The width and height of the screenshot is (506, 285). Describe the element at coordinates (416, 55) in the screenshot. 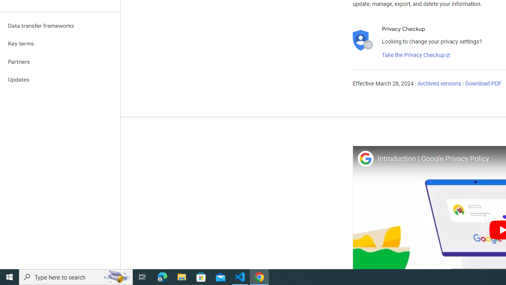

I see `'Take the Privacy Checkup'` at that location.